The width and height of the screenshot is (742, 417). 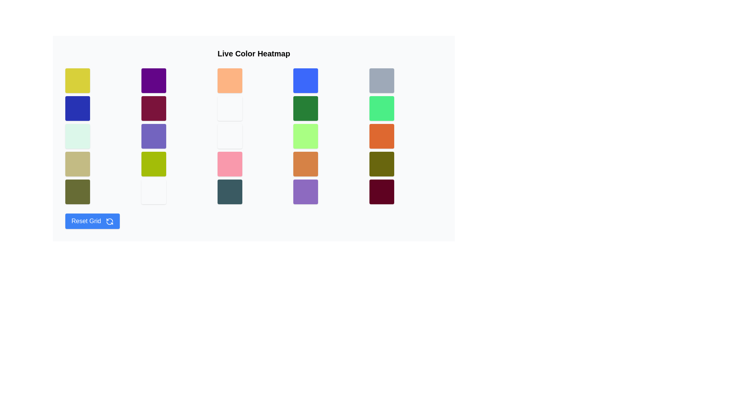 I want to click on the non-interactive Square Tile located in the second row, first column of the grid layout, so click(x=78, y=108).